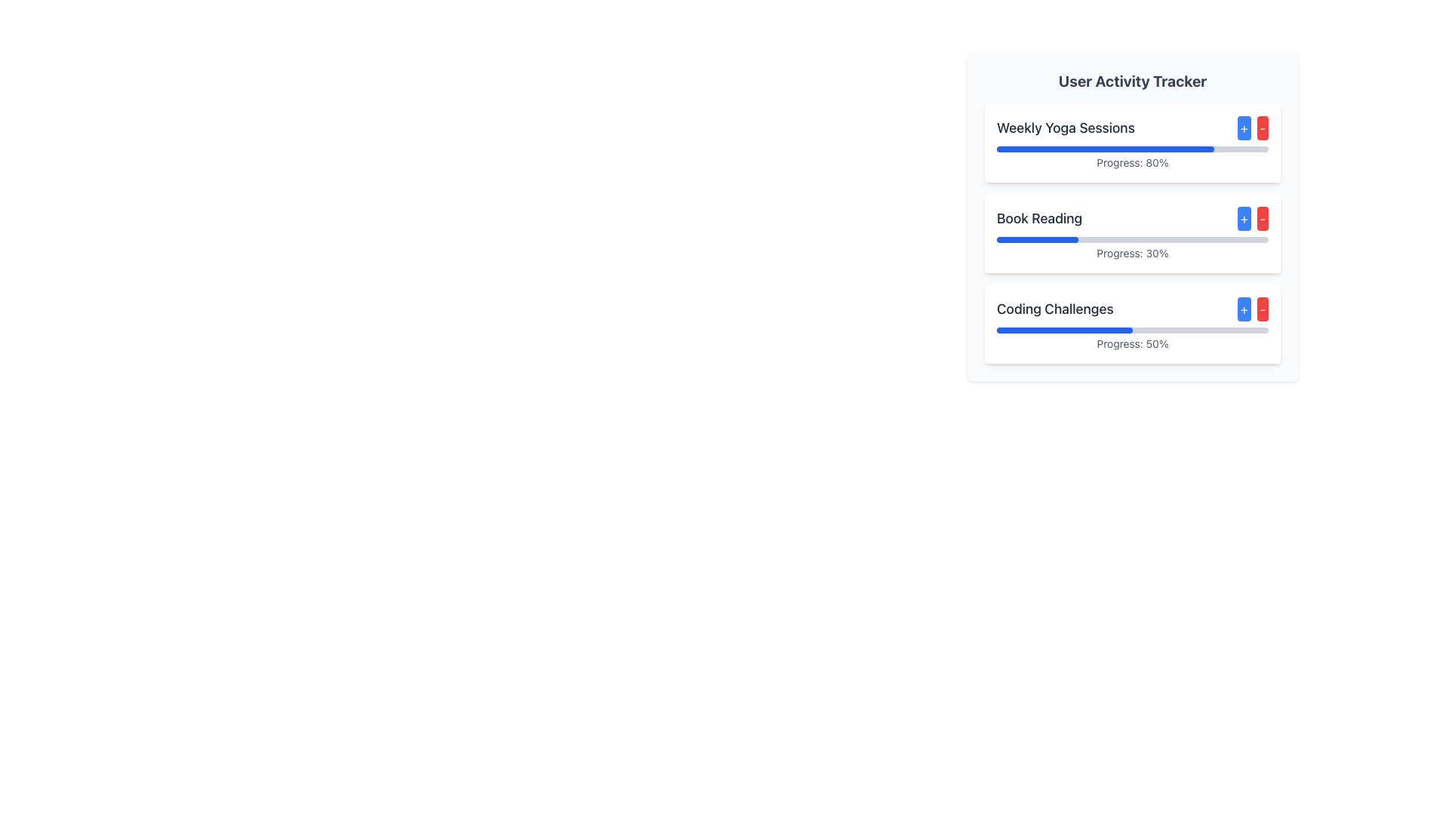  I want to click on the third progress bar in the 'User Activity Tracker' section under the 'Coding Challenges' card, which is currently filled to 50% in blue, so click(1133, 330).